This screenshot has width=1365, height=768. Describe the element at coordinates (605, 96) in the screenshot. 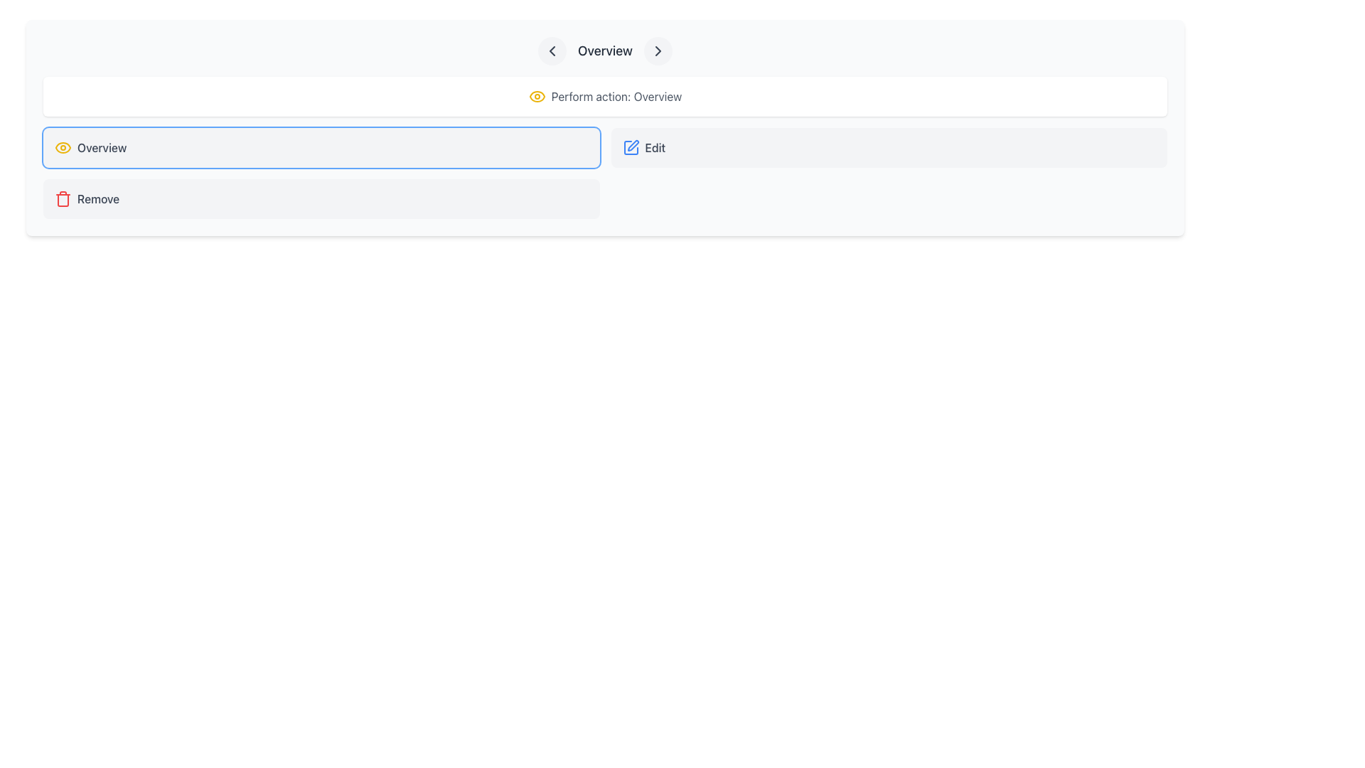

I see `the Informational Text with Icon that reads 'Perform action: Overview', which is accompanied by a yellow eye icon and styled in gray, located below the main title 'Overview'` at that location.